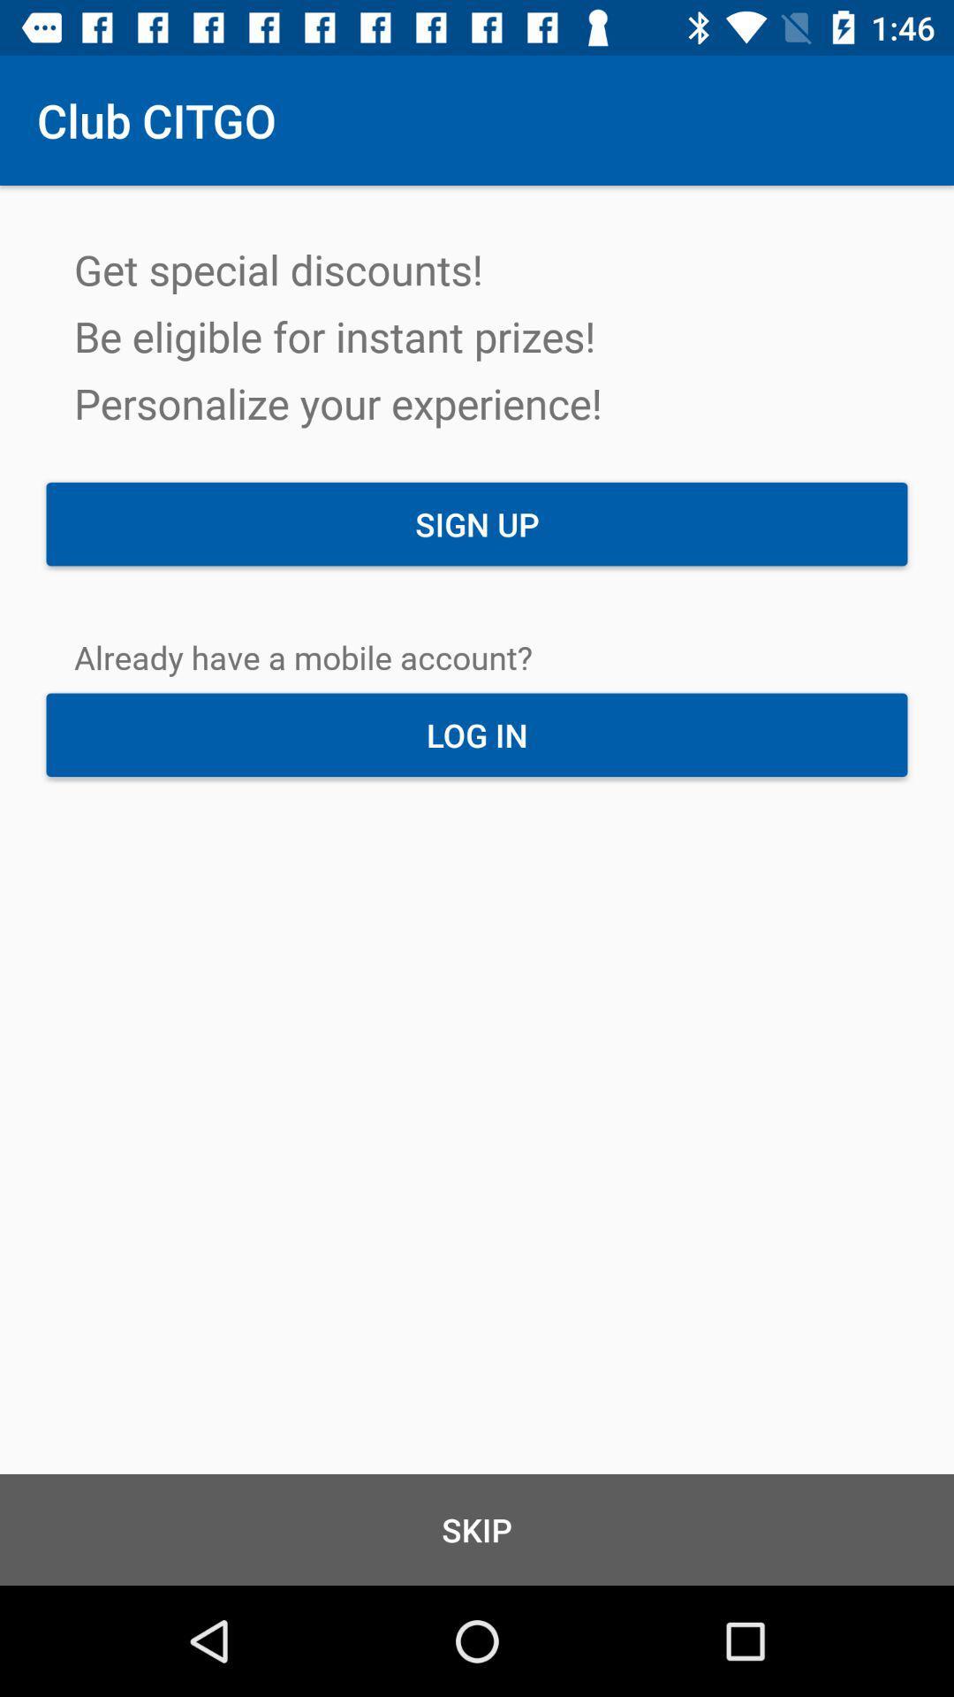  Describe the element at coordinates (477, 1529) in the screenshot. I see `skip item` at that location.